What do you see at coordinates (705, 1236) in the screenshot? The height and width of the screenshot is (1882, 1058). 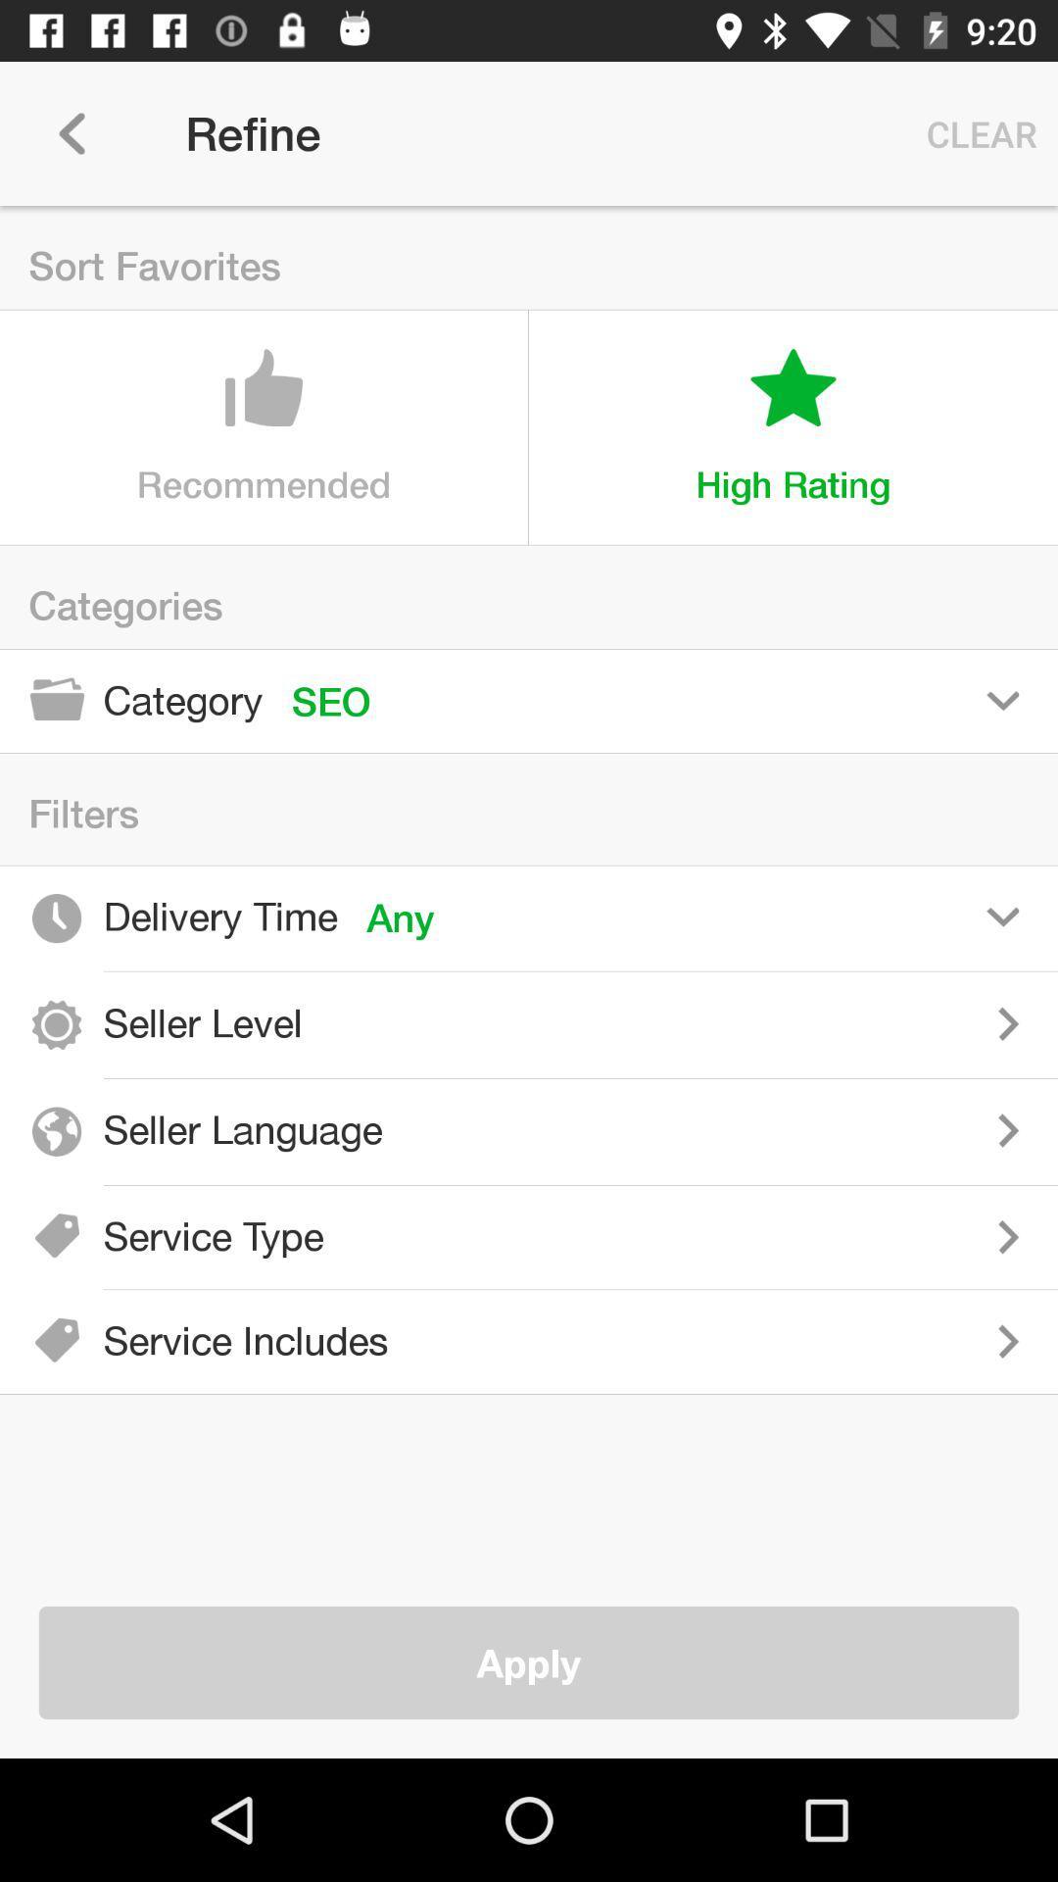 I see `enter subcategory menu` at bounding box center [705, 1236].